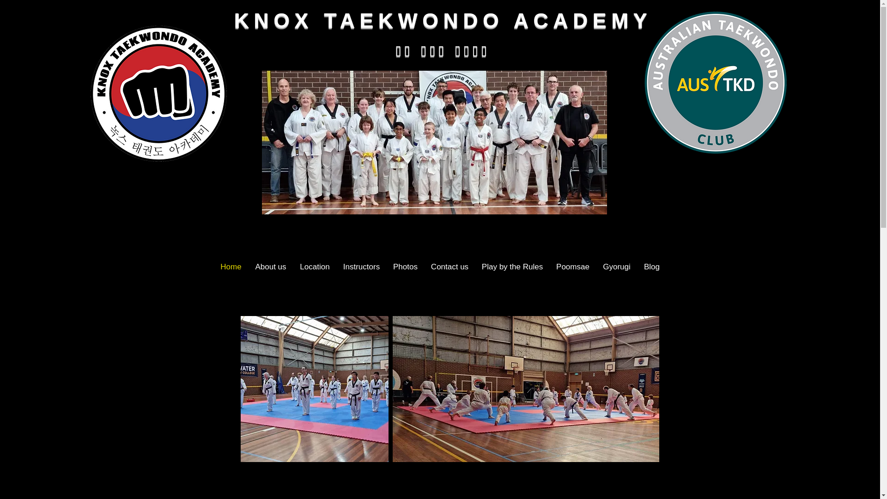  Describe the element at coordinates (423, 267) in the screenshot. I see `'Contact us'` at that location.